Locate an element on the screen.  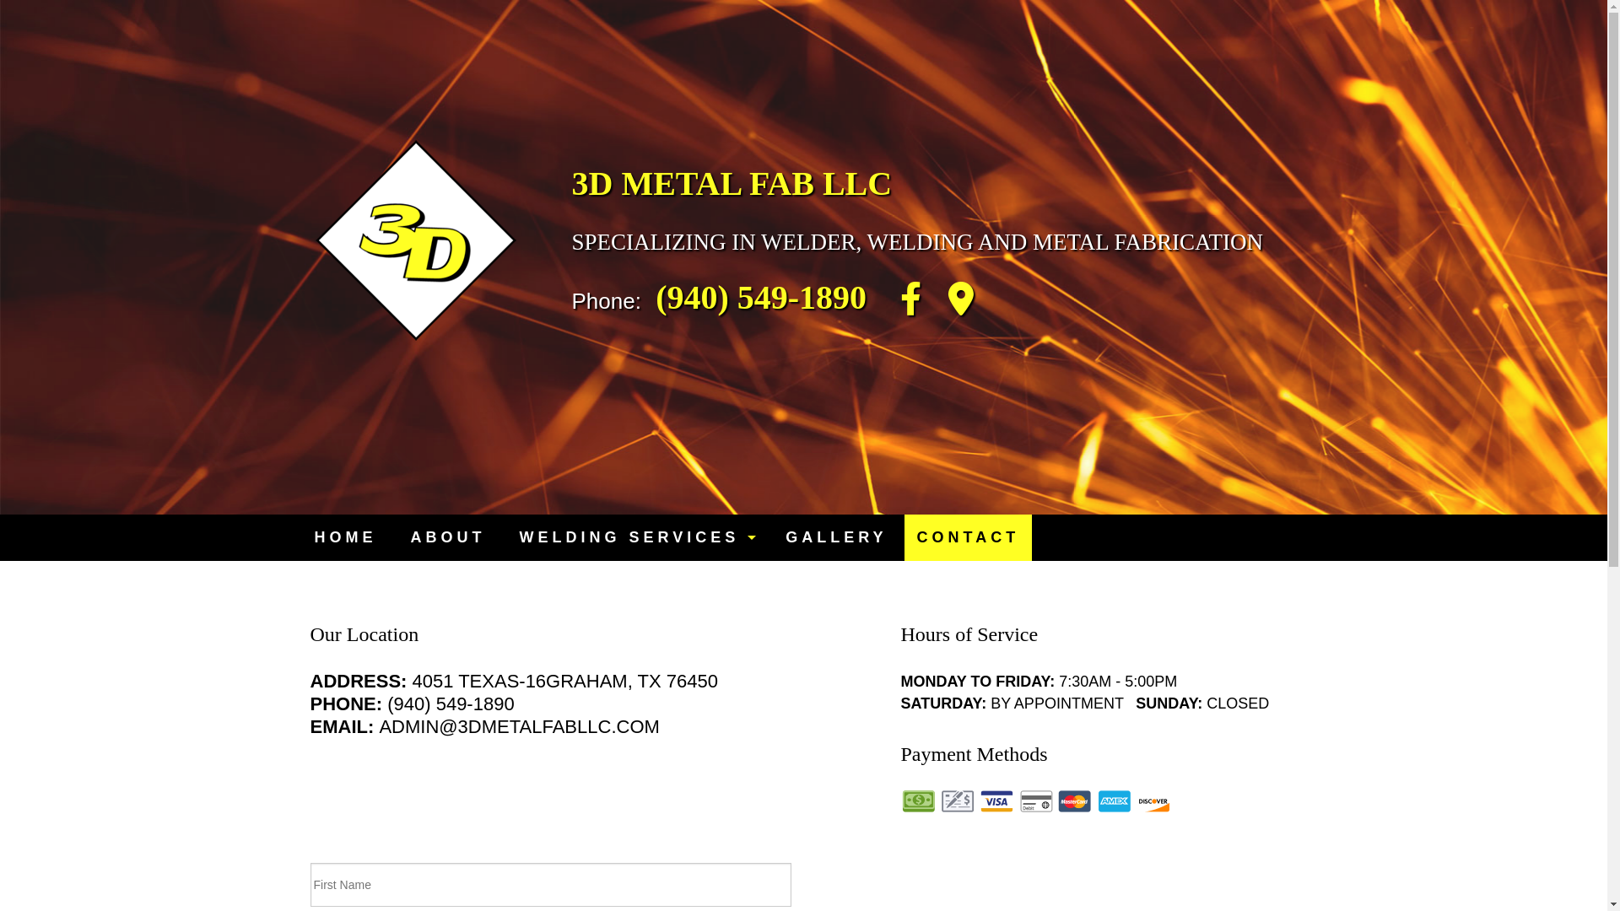
'3D METAL FAB LLC' is located at coordinates (732, 183).